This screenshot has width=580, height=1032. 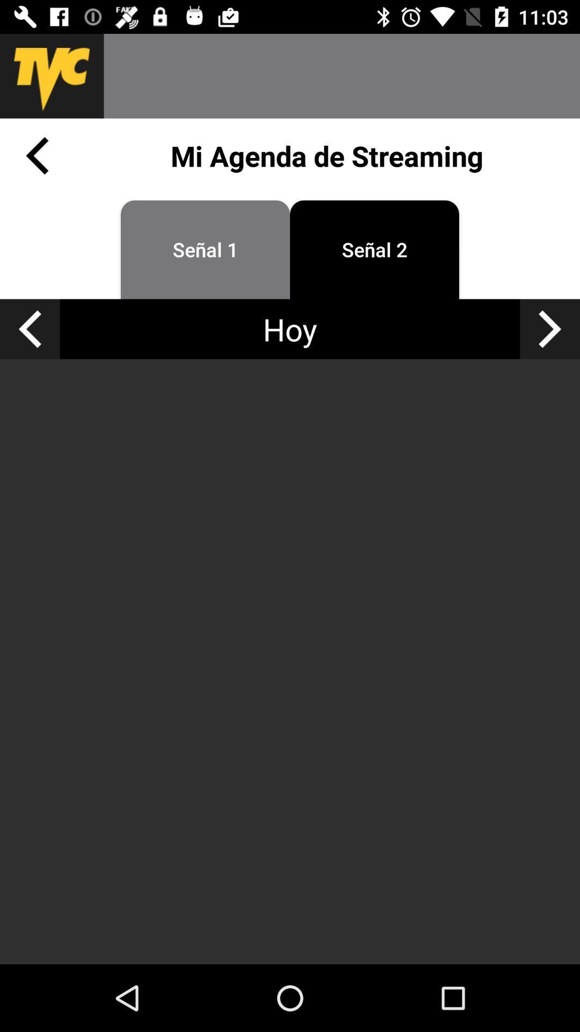 I want to click on next right, so click(x=550, y=328).